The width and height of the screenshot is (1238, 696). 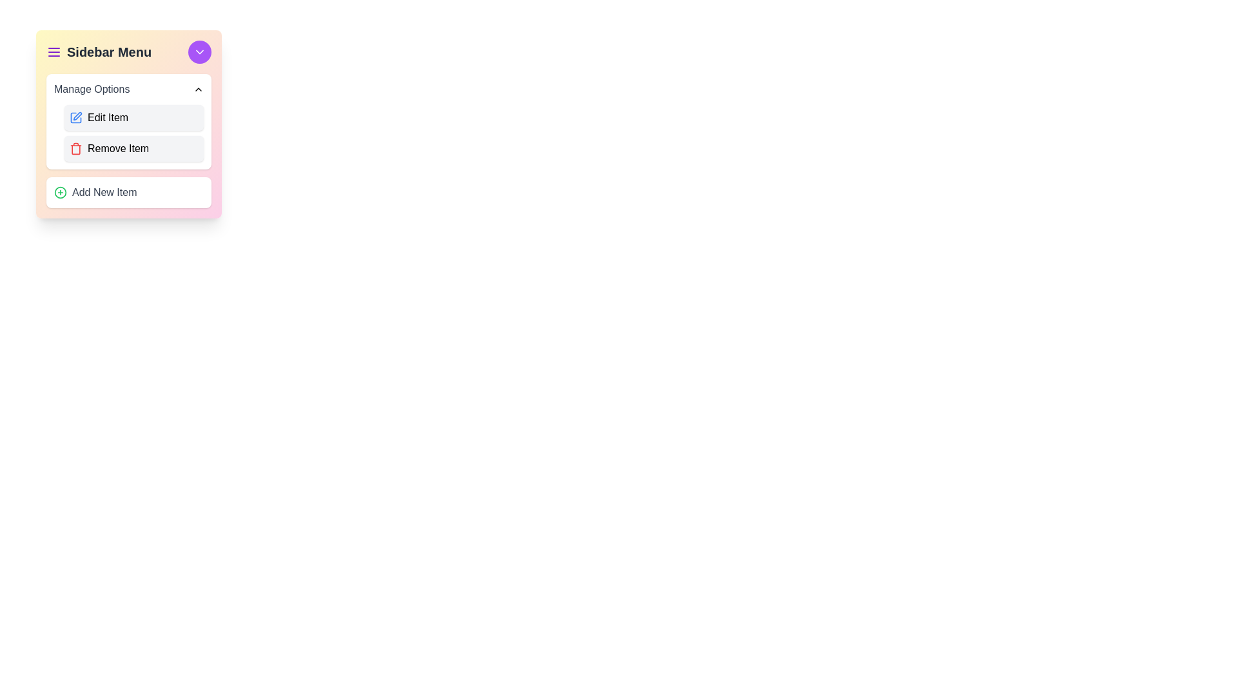 I want to click on the small blue pen icon within the light gray rounded rectangle, which serves as the 'Edit Item' option in the menu, to provide feedback, so click(x=75, y=117).